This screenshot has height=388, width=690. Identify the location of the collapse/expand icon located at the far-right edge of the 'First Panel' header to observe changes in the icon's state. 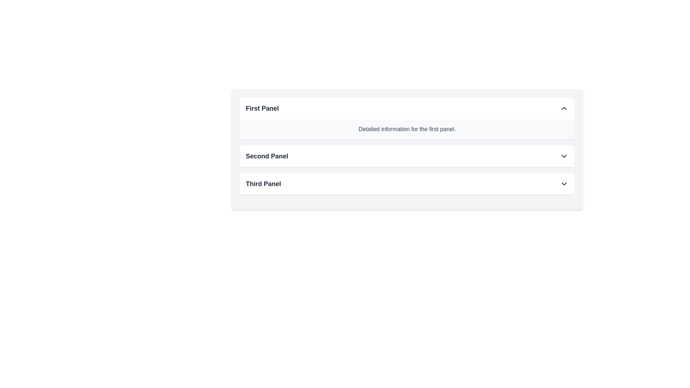
(563, 108).